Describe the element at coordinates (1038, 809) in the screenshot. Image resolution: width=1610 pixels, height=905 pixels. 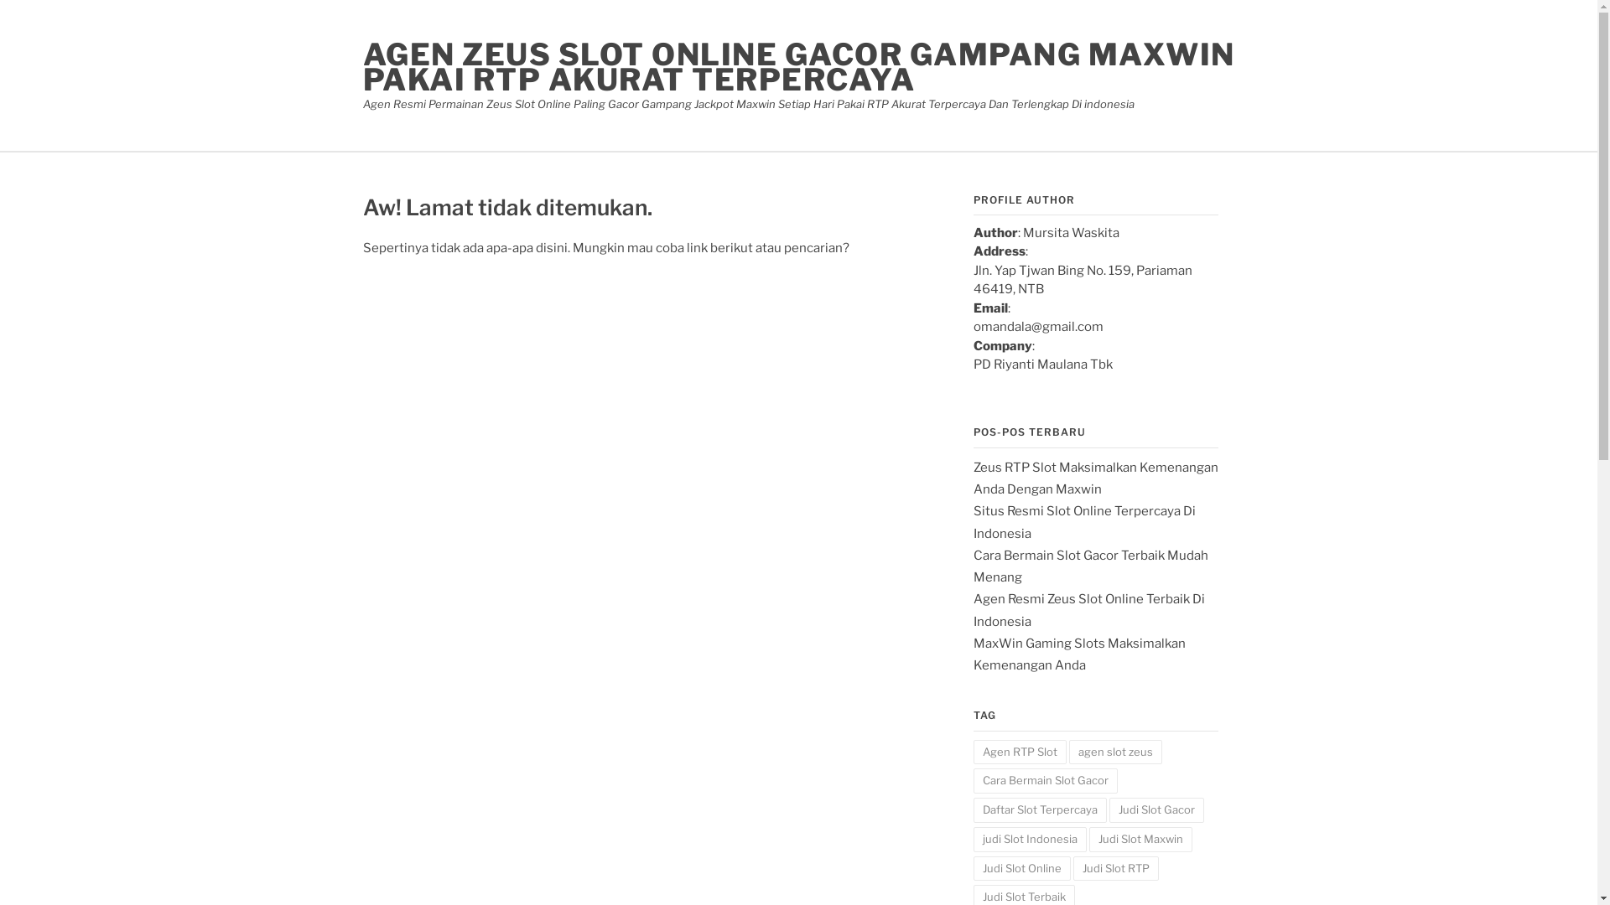
I see `'Daftar Slot Terpercaya'` at that location.